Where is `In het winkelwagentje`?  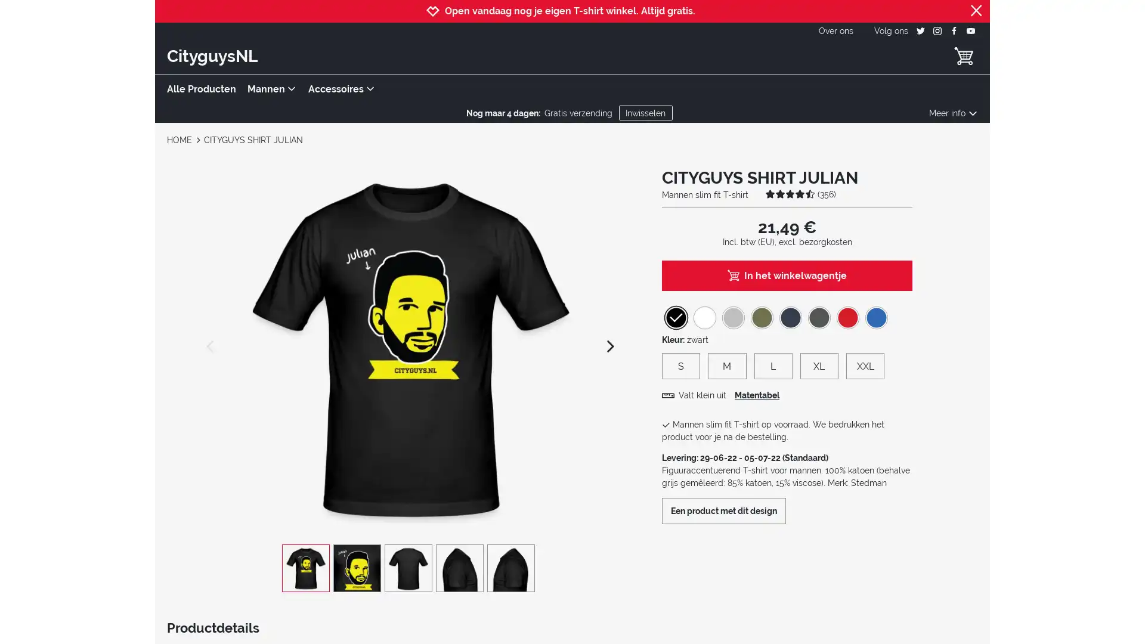 In het winkelwagentje is located at coordinates (787, 275).